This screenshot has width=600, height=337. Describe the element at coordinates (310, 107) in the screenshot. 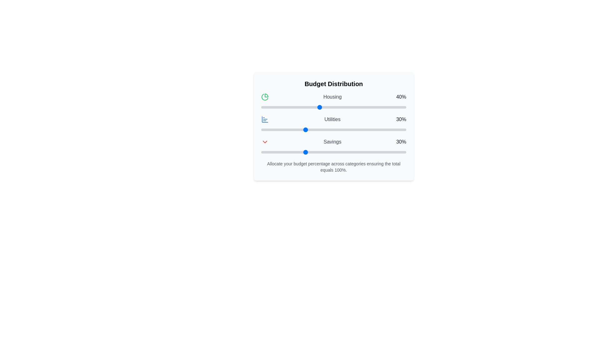

I see `the Housing percentage slider` at that location.